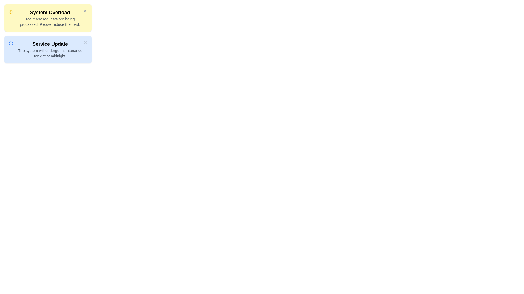  What do you see at coordinates (11, 12) in the screenshot?
I see `the filled circular alert icon that is positioned to the left of the 'System Overload' alert message` at bounding box center [11, 12].